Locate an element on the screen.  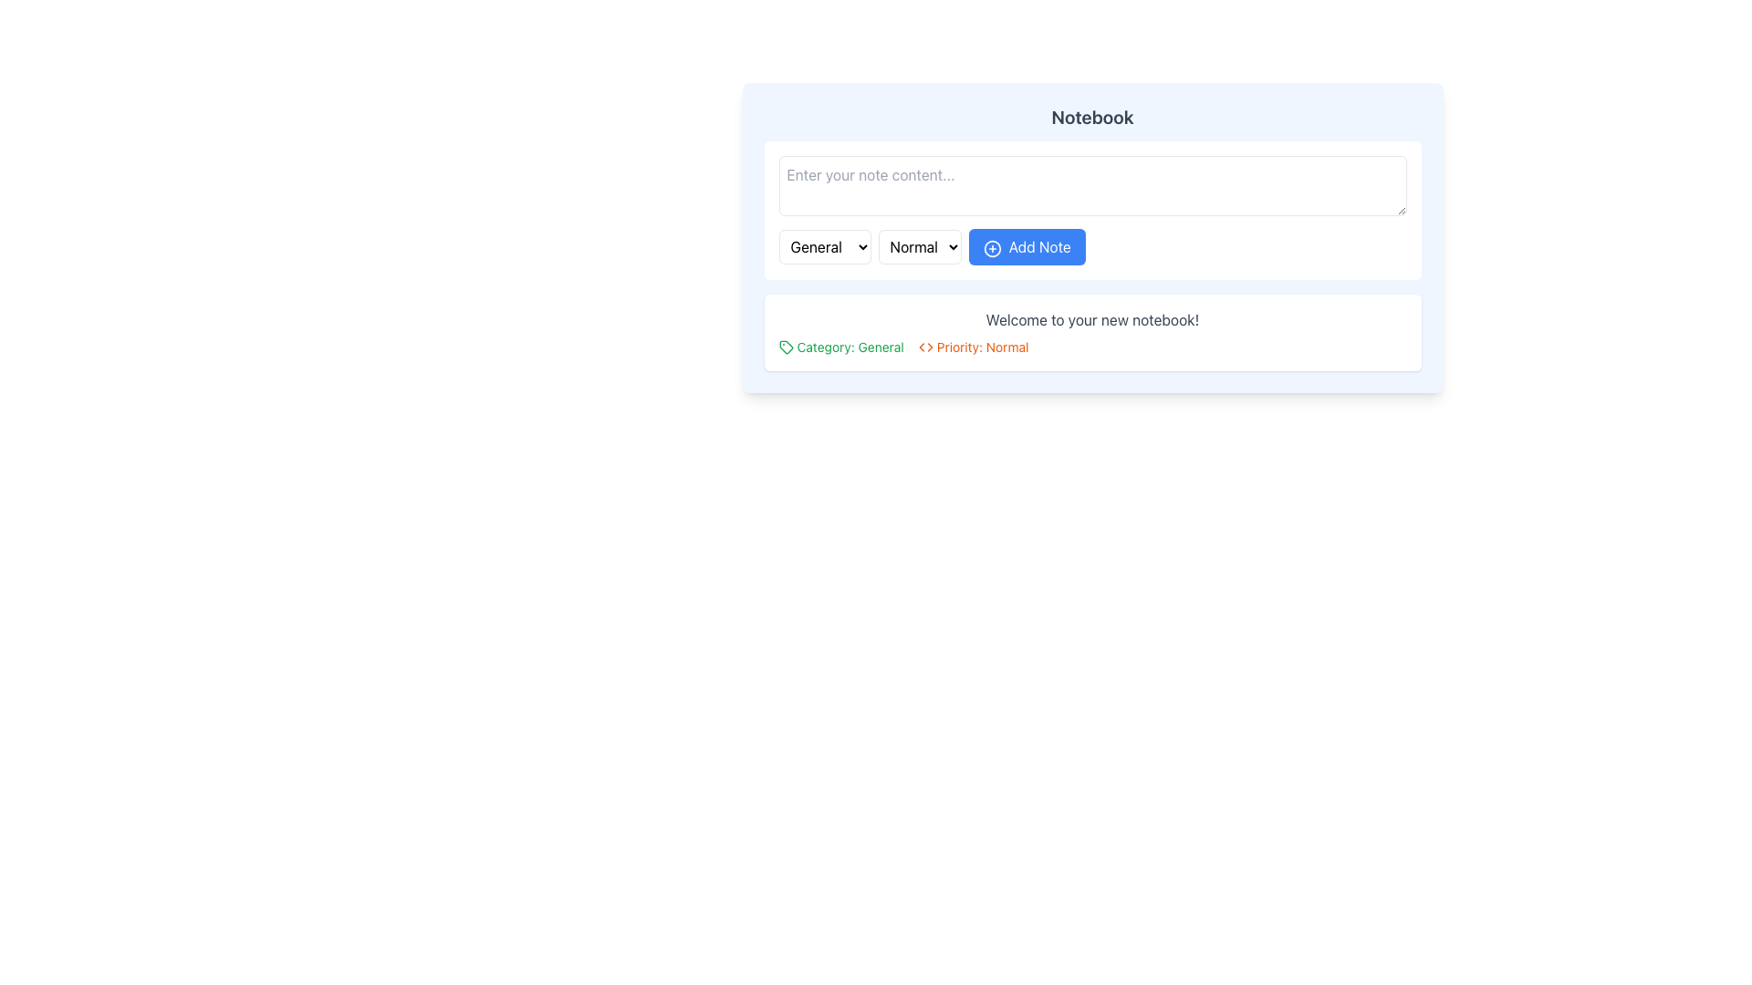
the graphical indicator of the 'Add Note' button located on the interface panel, which is centered within the button group and surrounded by other icons is located at coordinates (991, 248).